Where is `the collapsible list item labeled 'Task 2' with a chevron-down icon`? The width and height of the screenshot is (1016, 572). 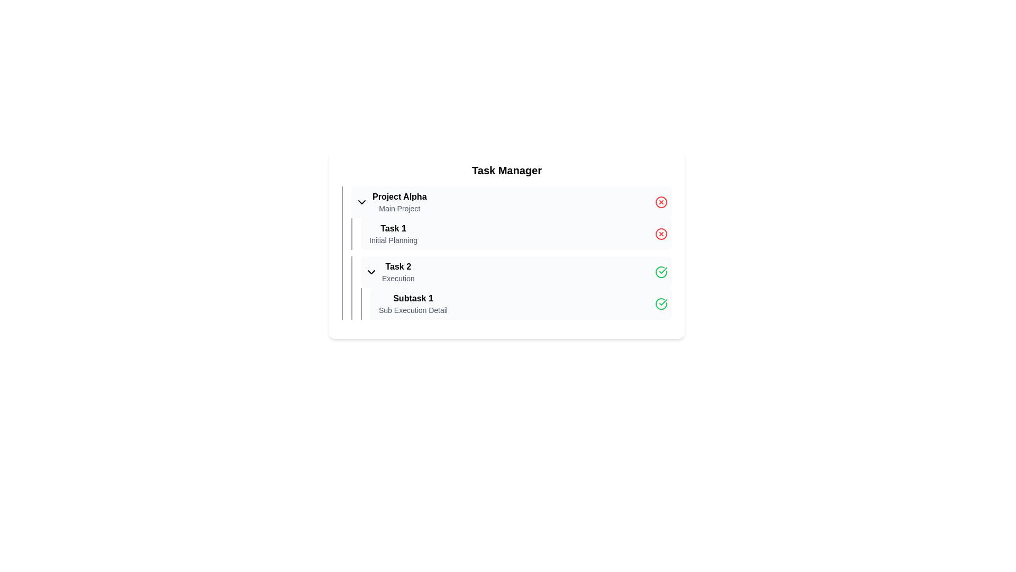
the collapsible list item labeled 'Task 2' with a chevron-down icon is located at coordinates (389, 271).